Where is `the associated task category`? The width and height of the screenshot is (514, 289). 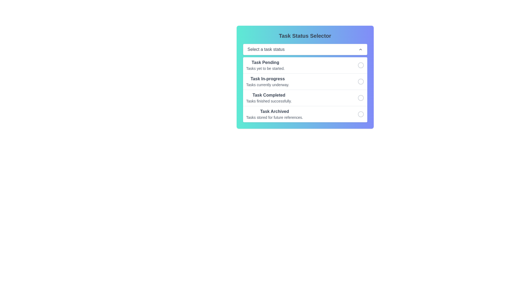
the associated task category is located at coordinates (267, 79).